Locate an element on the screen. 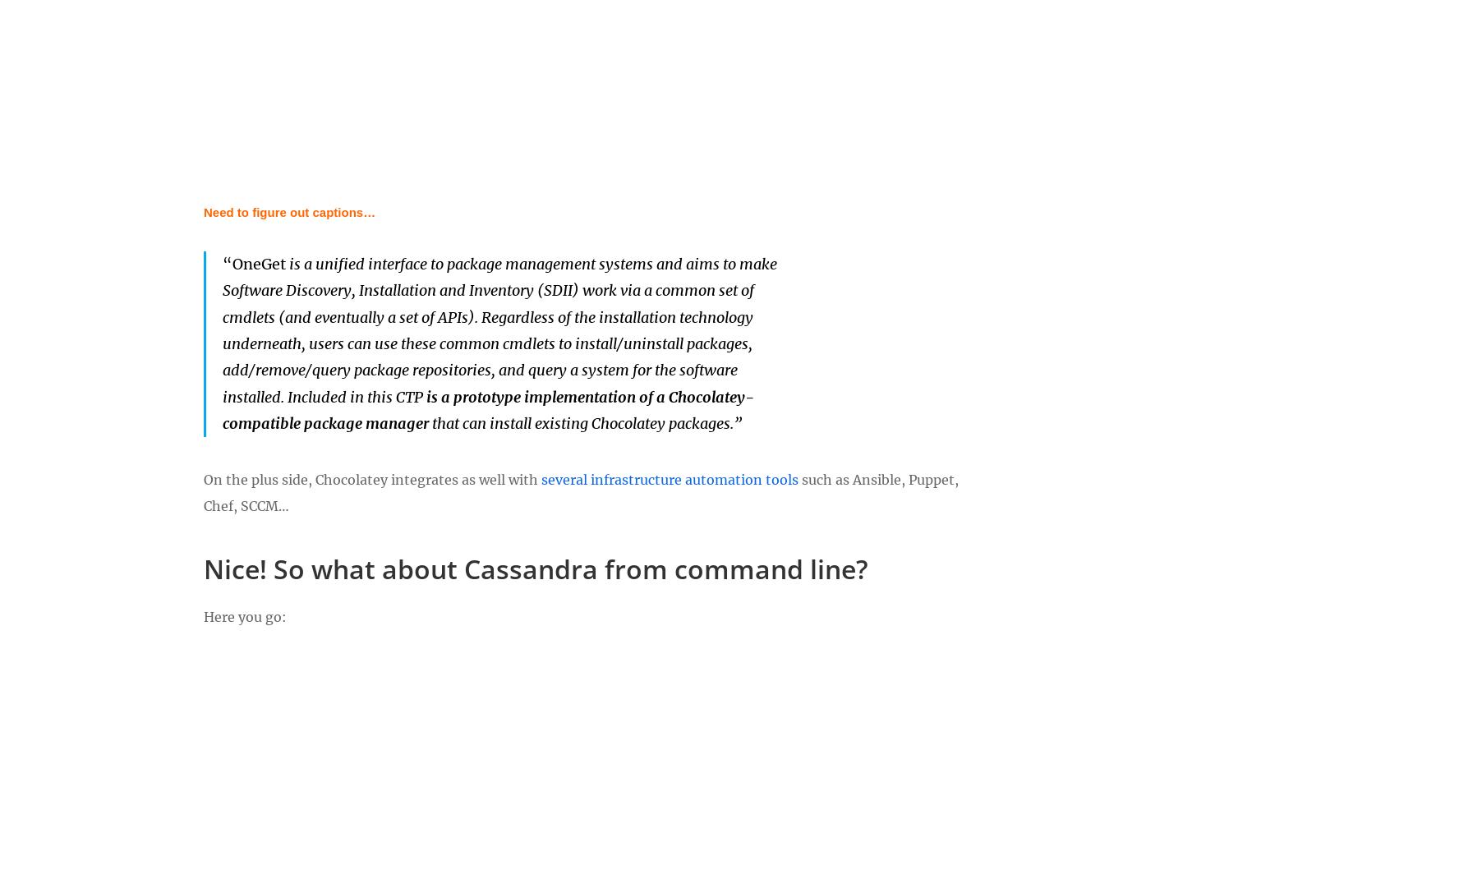  'Need to figure out captions…' is located at coordinates (288, 211).